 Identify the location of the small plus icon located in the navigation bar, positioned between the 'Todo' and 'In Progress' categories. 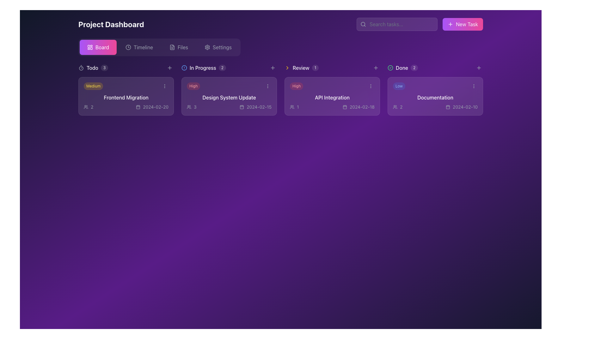
(170, 68).